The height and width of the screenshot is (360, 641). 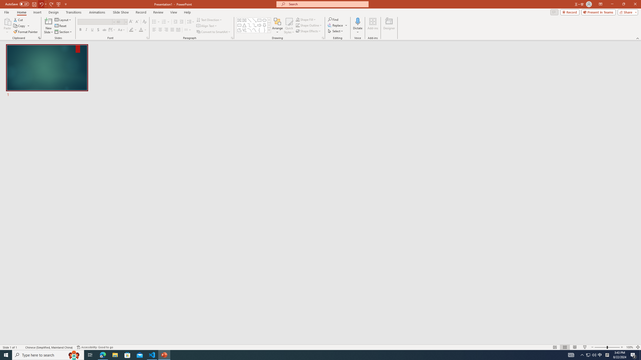 What do you see at coordinates (298, 19) in the screenshot?
I see `'Shape Fill Orange, Accent 2'` at bounding box center [298, 19].